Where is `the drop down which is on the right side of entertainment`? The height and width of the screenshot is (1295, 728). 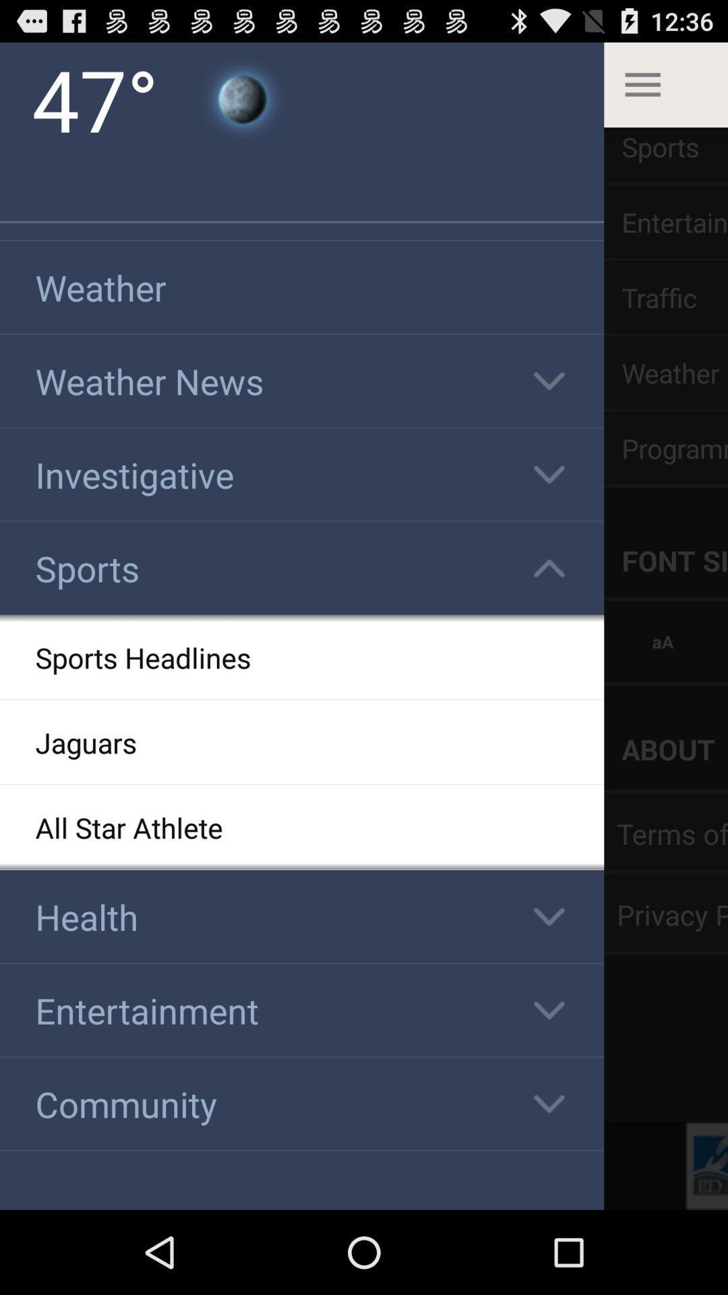 the drop down which is on the right side of entertainment is located at coordinates (549, 1010).